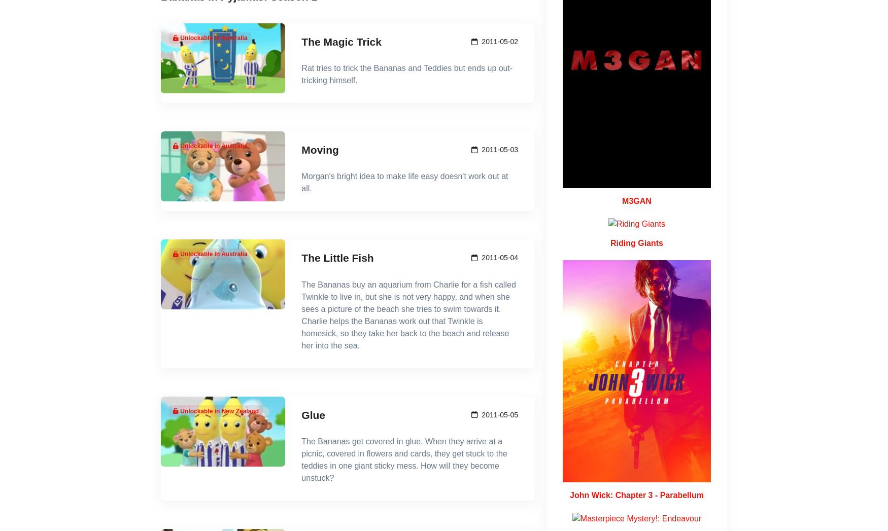 The width and height of the screenshot is (888, 531). I want to click on 'American Netflix.', so click(380, 303).